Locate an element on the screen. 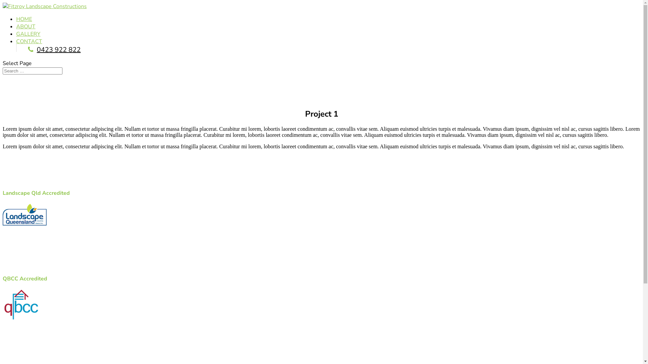  'CONTACT' is located at coordinates (16, 41).